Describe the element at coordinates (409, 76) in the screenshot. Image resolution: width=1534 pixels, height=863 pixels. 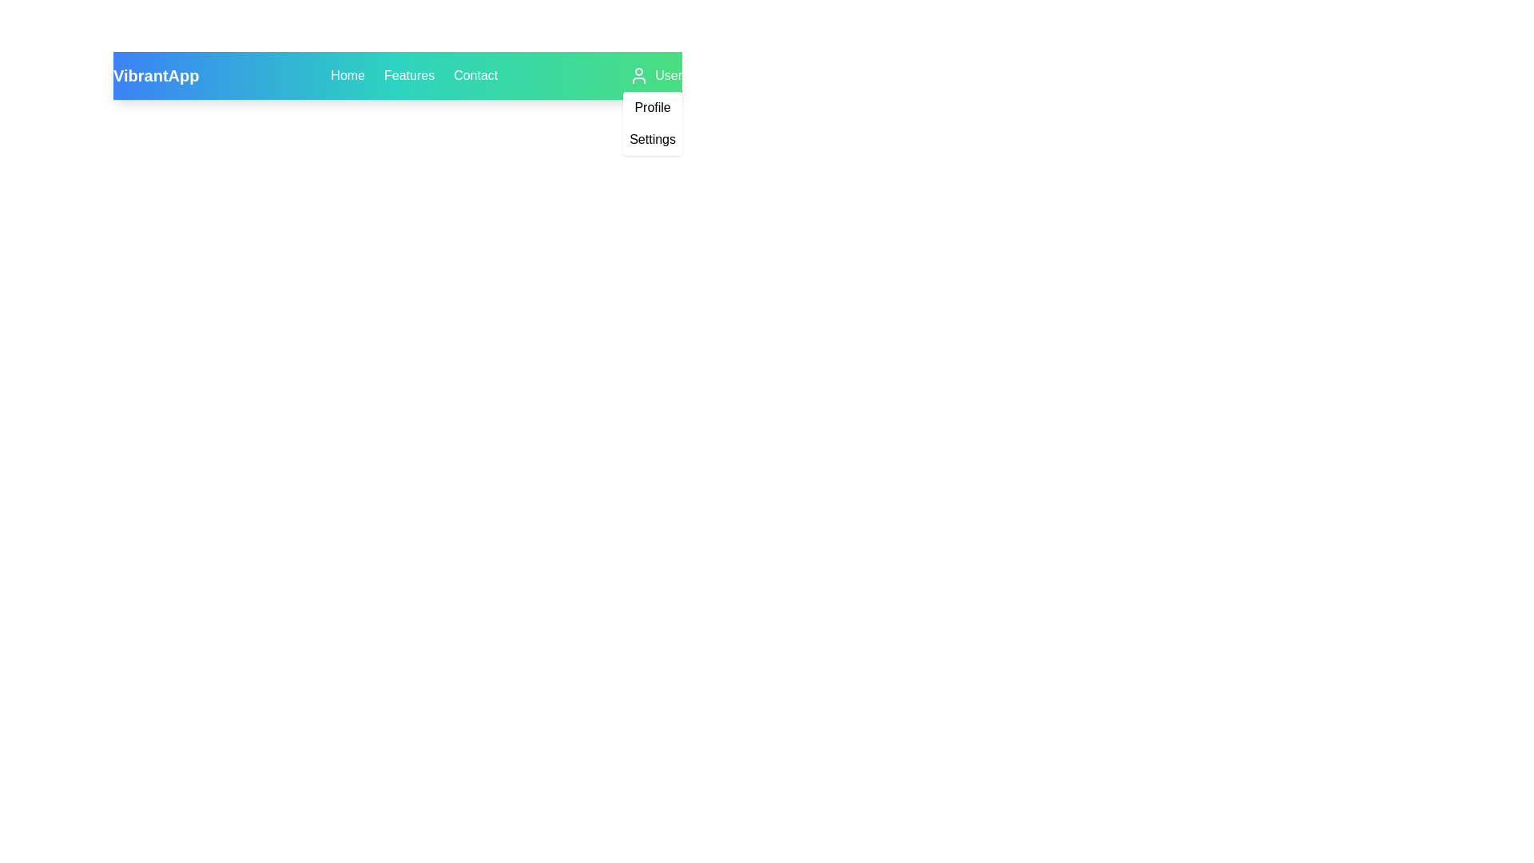
I see `the Features to observe its hover effect` at that location.